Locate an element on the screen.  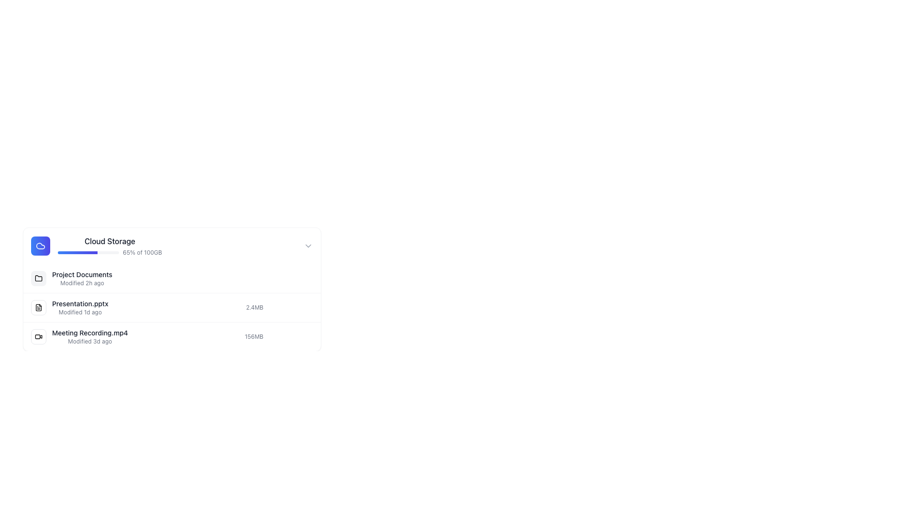
the folder icon with a black border and light gray background, located to the left of the text 'Project Documents' under 'Cloud Storage' is located at coordinates (38, 278).